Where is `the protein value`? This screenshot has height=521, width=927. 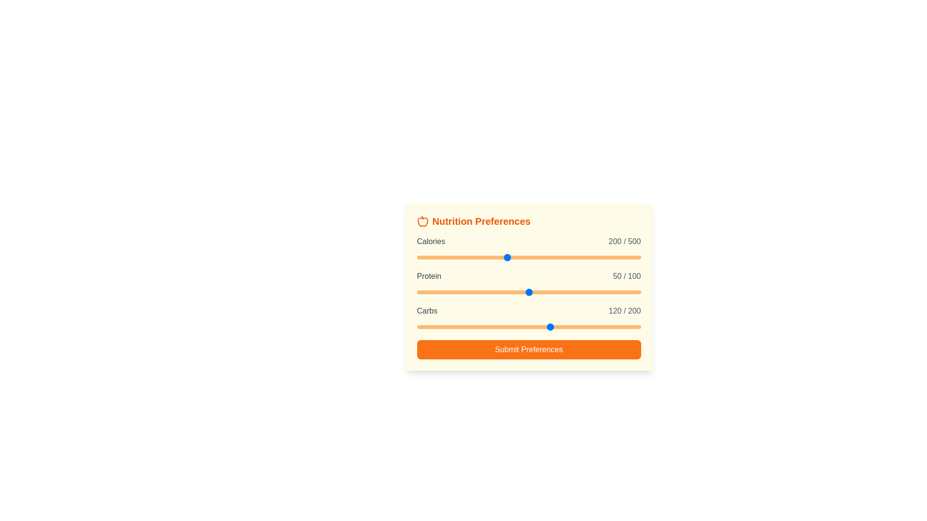
the protein value is located at coordinates (454, 291).